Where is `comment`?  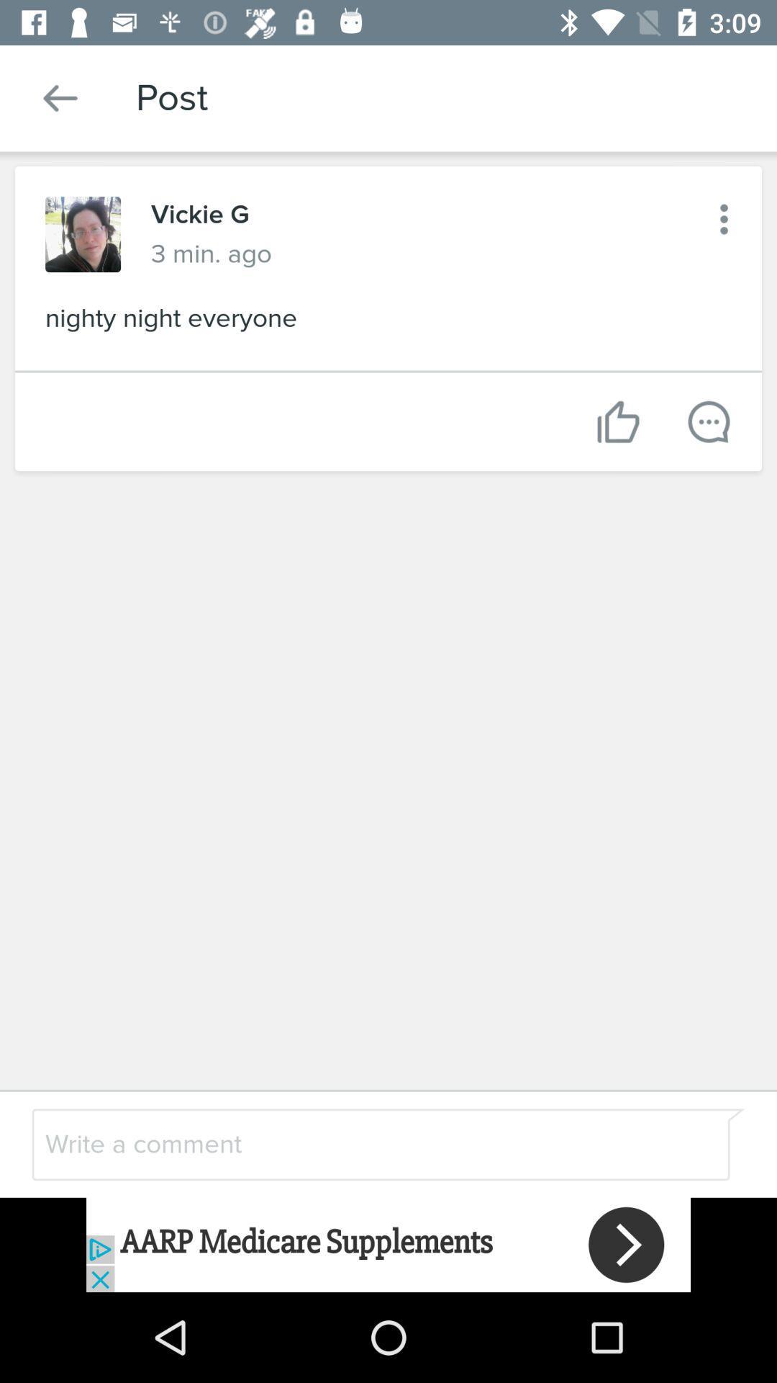 comment is located at coordinates (350, 1143).